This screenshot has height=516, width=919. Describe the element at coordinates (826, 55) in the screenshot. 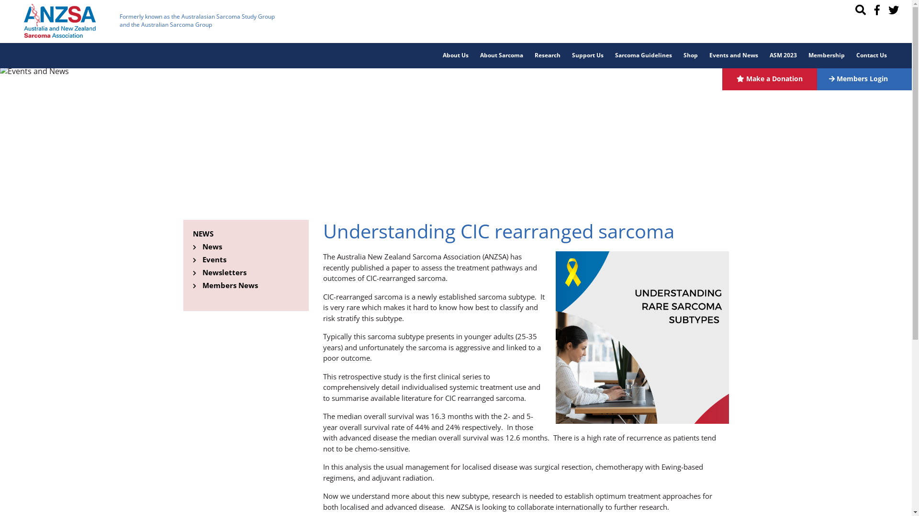

I see `'Membership'` at that location.